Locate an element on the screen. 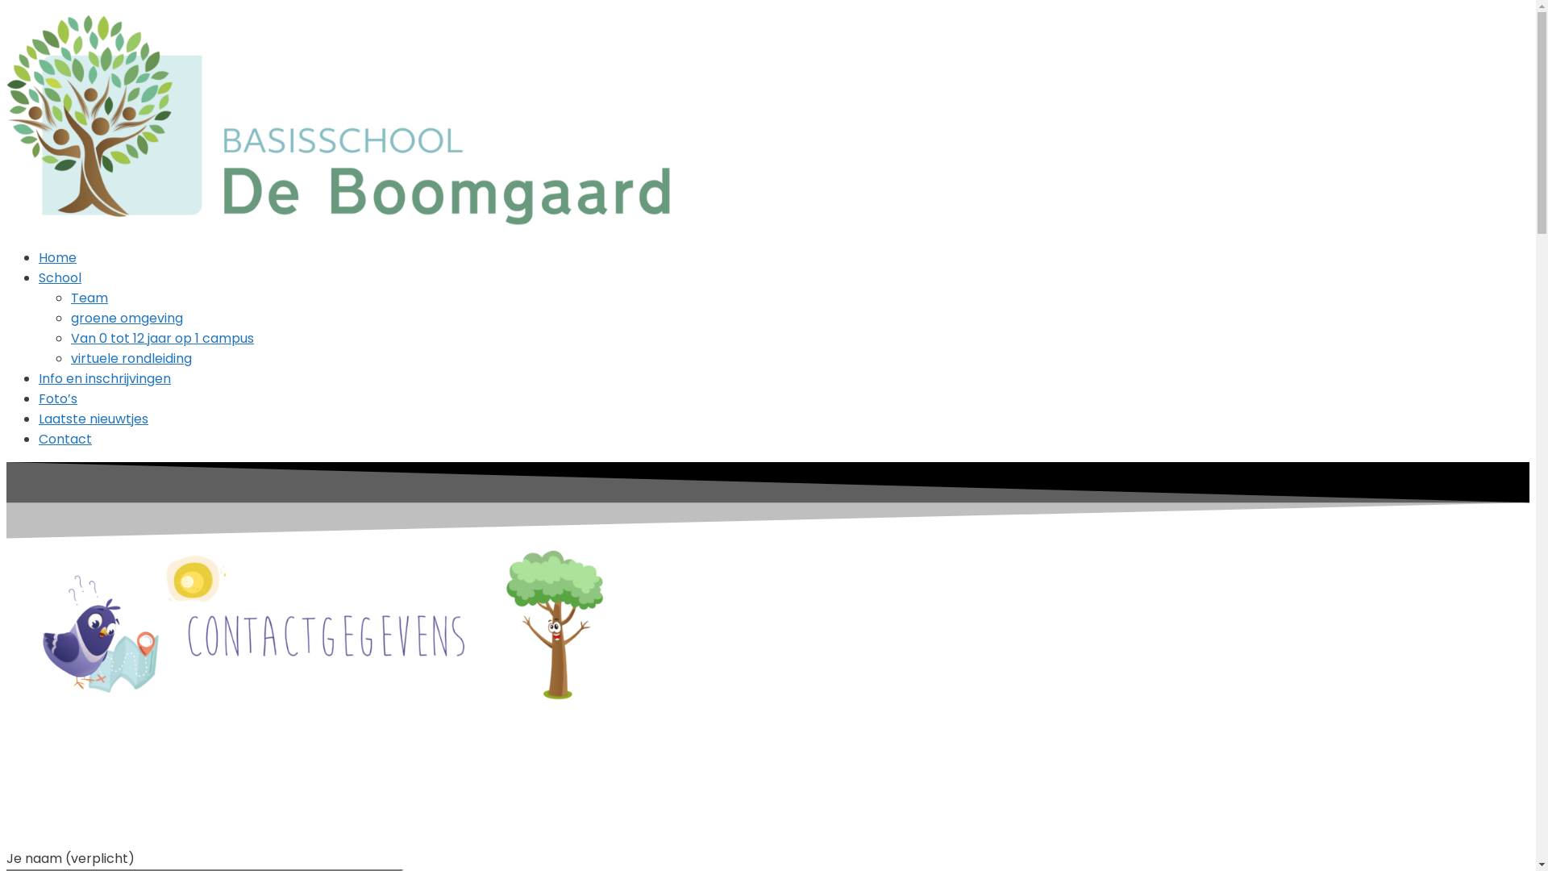 This screenshot has height=871, width=1548. 'virtuele rondleiding' is located at coordinates (131, 357).